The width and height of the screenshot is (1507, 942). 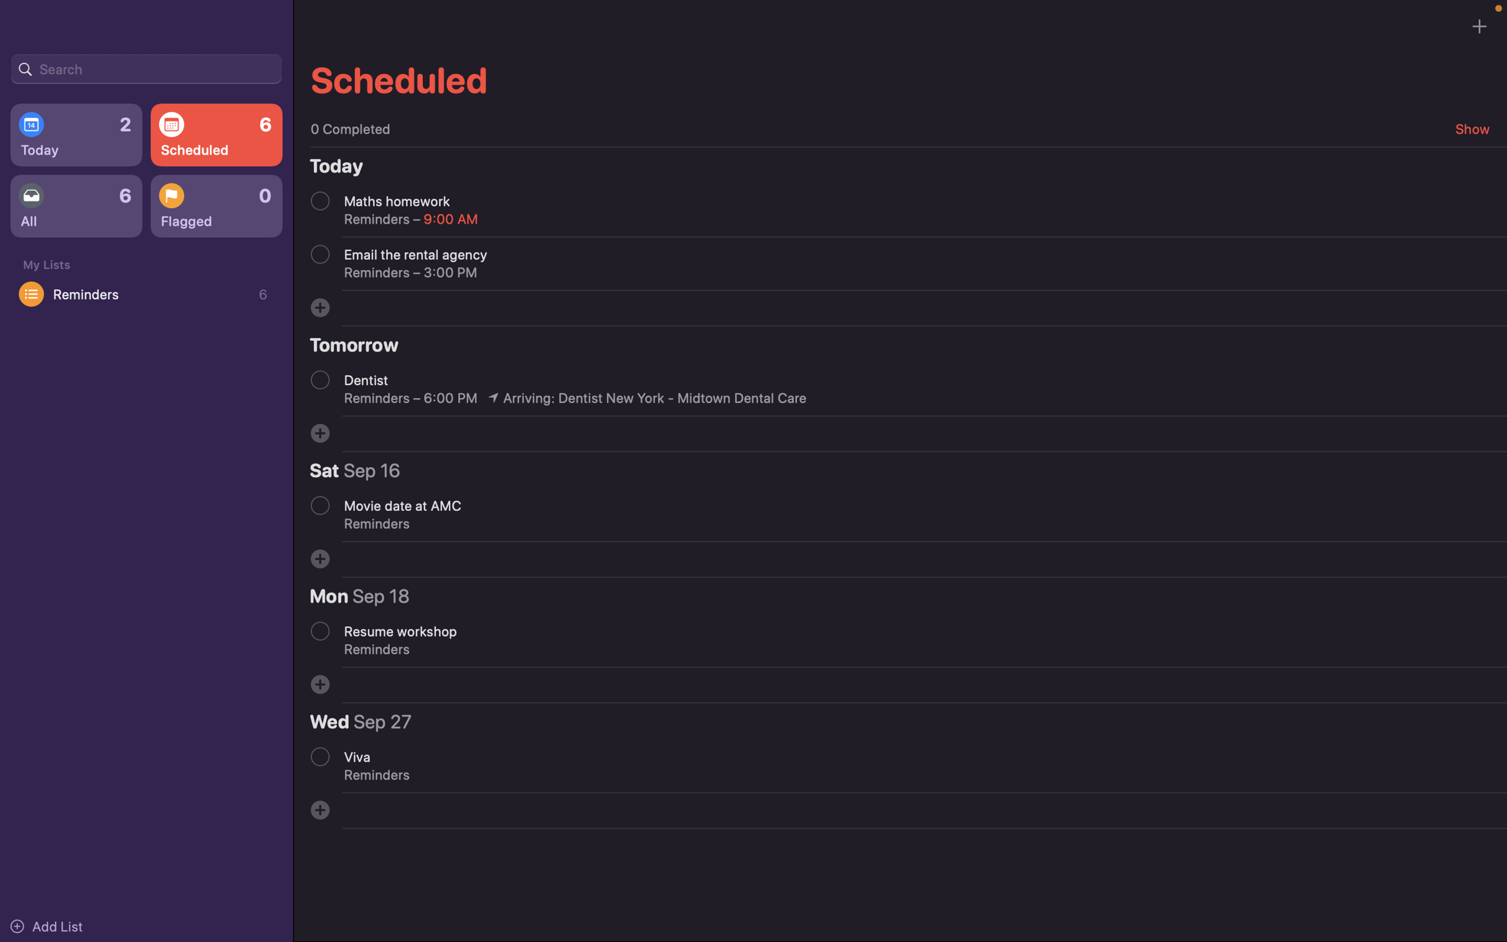 What do you see at coordinates (75, 136) in the screenshot?
I see `View all the events for today` at bounding box center [75, 136].